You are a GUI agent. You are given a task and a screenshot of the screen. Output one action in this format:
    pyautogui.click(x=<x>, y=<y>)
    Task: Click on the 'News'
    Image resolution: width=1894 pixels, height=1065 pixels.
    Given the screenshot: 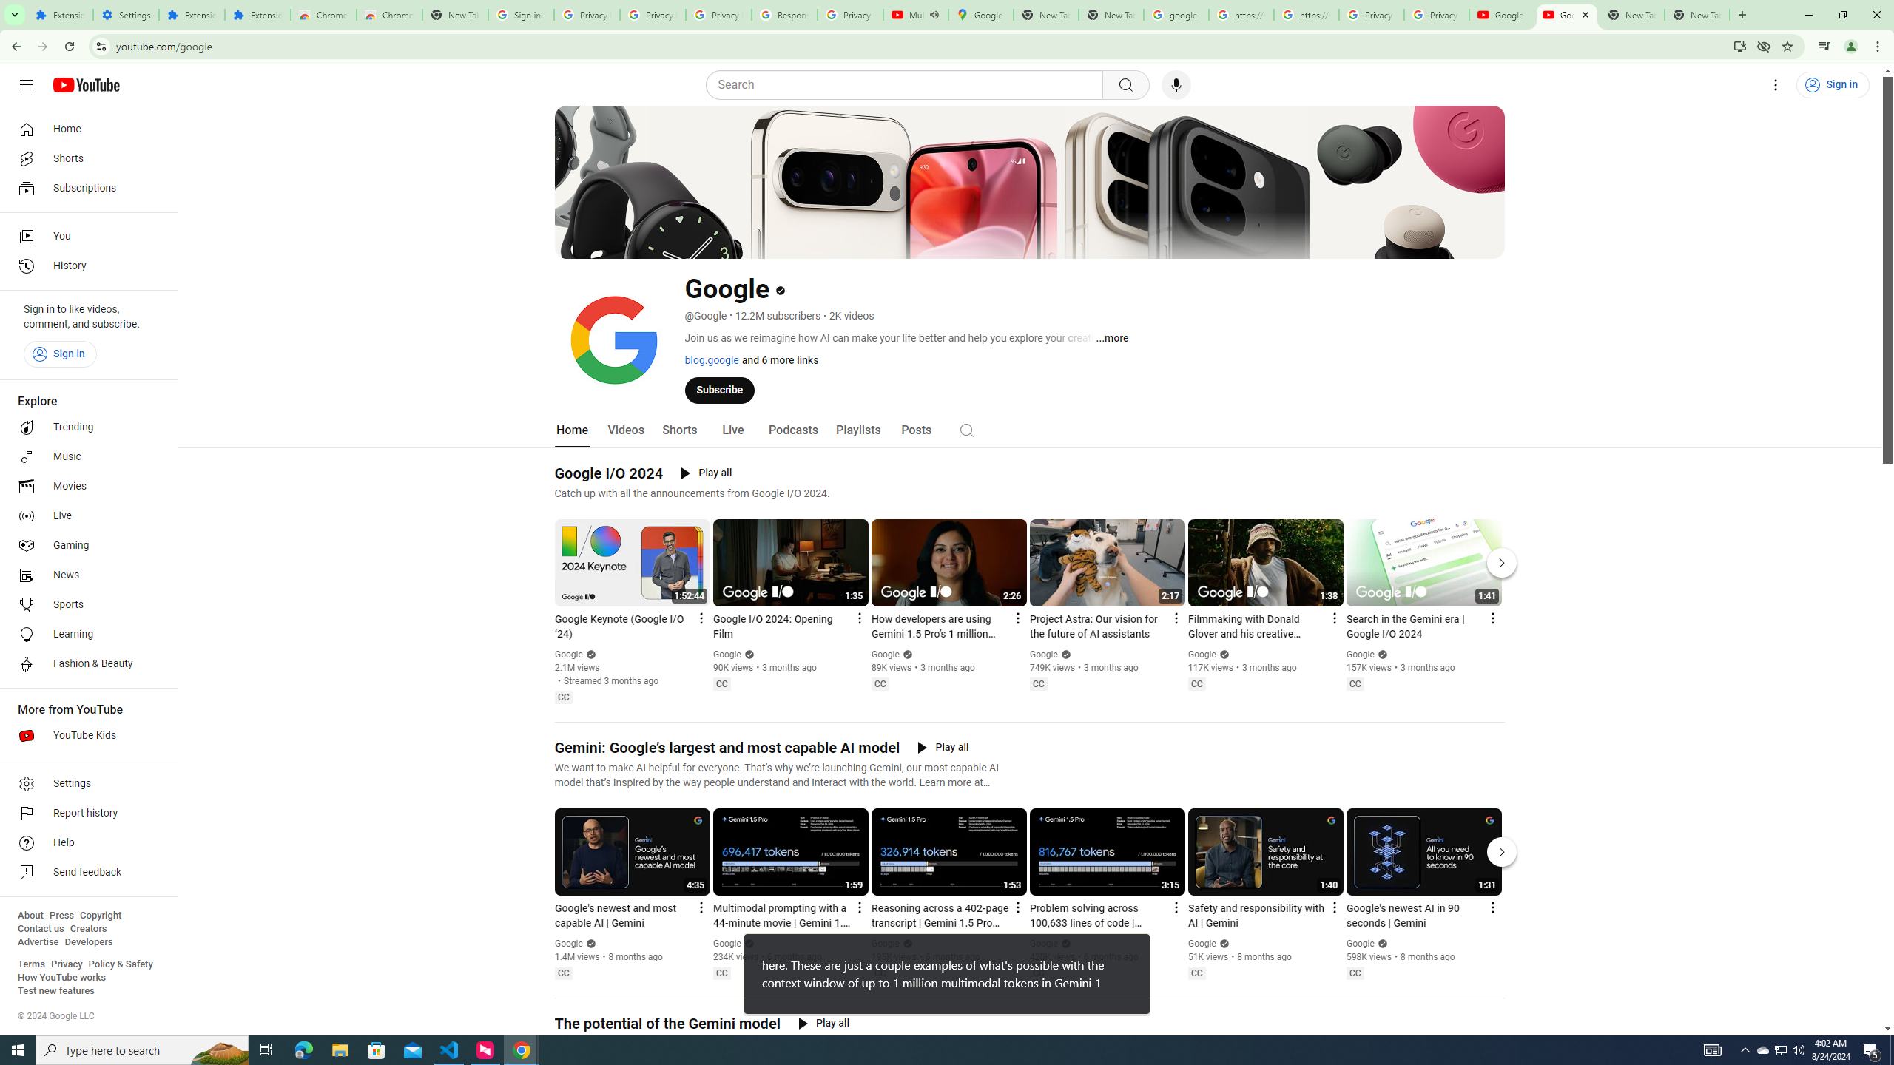 What is the action you would take?
    pyautogui.click(x=84, y=575)
    